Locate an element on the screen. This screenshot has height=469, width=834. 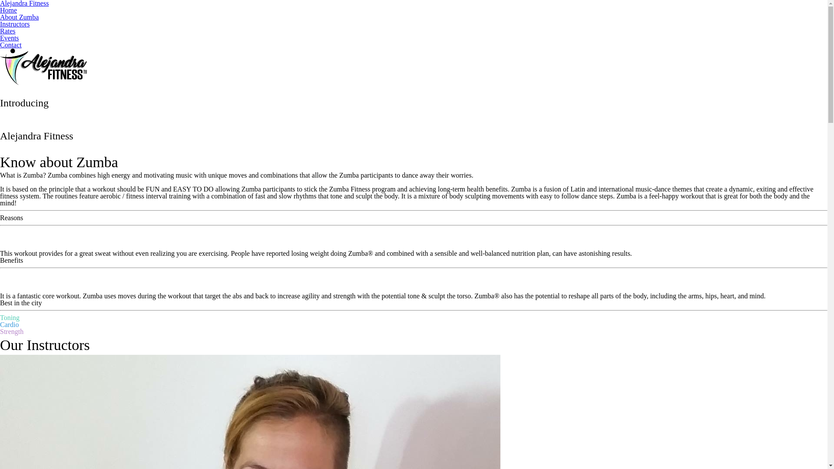
'About Zumba' is located at coordinates (19, 17).